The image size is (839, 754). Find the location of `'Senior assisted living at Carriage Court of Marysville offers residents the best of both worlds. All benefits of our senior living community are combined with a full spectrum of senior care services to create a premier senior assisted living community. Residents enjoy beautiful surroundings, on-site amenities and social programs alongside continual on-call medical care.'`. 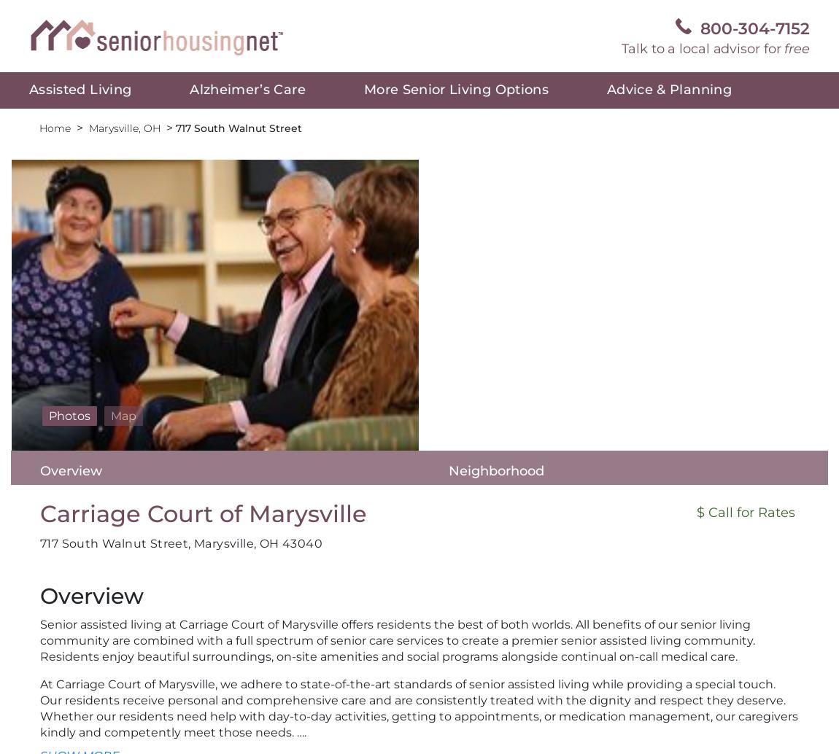

'Senior assisted living at Carriage Court of Marysville offers residents the best of both worlds. All benefits of our senior living community are combined with a full spectrum of senior care services to create a premier senior assisted living community. Residents enjoy beautiful surroundings, on-site amenities and social programs alongside continual on-call medical care.' is located at coordinates (397, 640).